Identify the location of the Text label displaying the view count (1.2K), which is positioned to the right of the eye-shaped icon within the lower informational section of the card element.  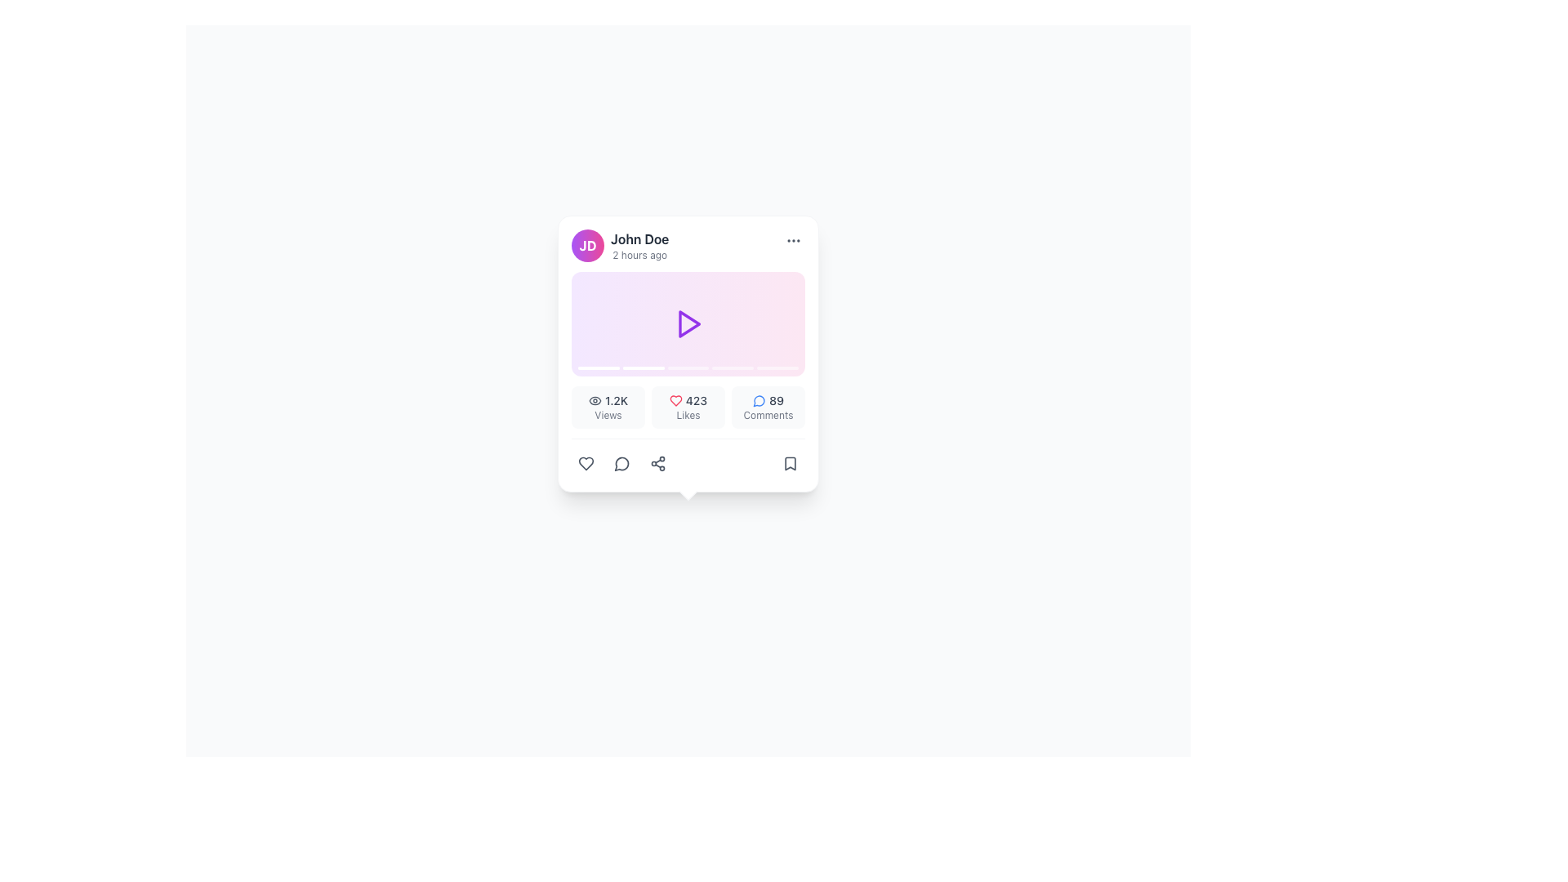
(615, 400).